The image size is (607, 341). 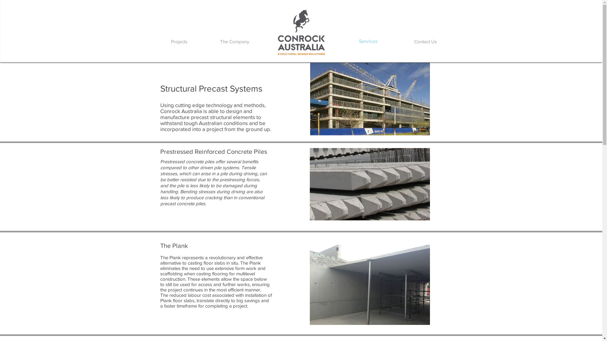 I want to click on 'Contact Us', so click(x=425, y=41).